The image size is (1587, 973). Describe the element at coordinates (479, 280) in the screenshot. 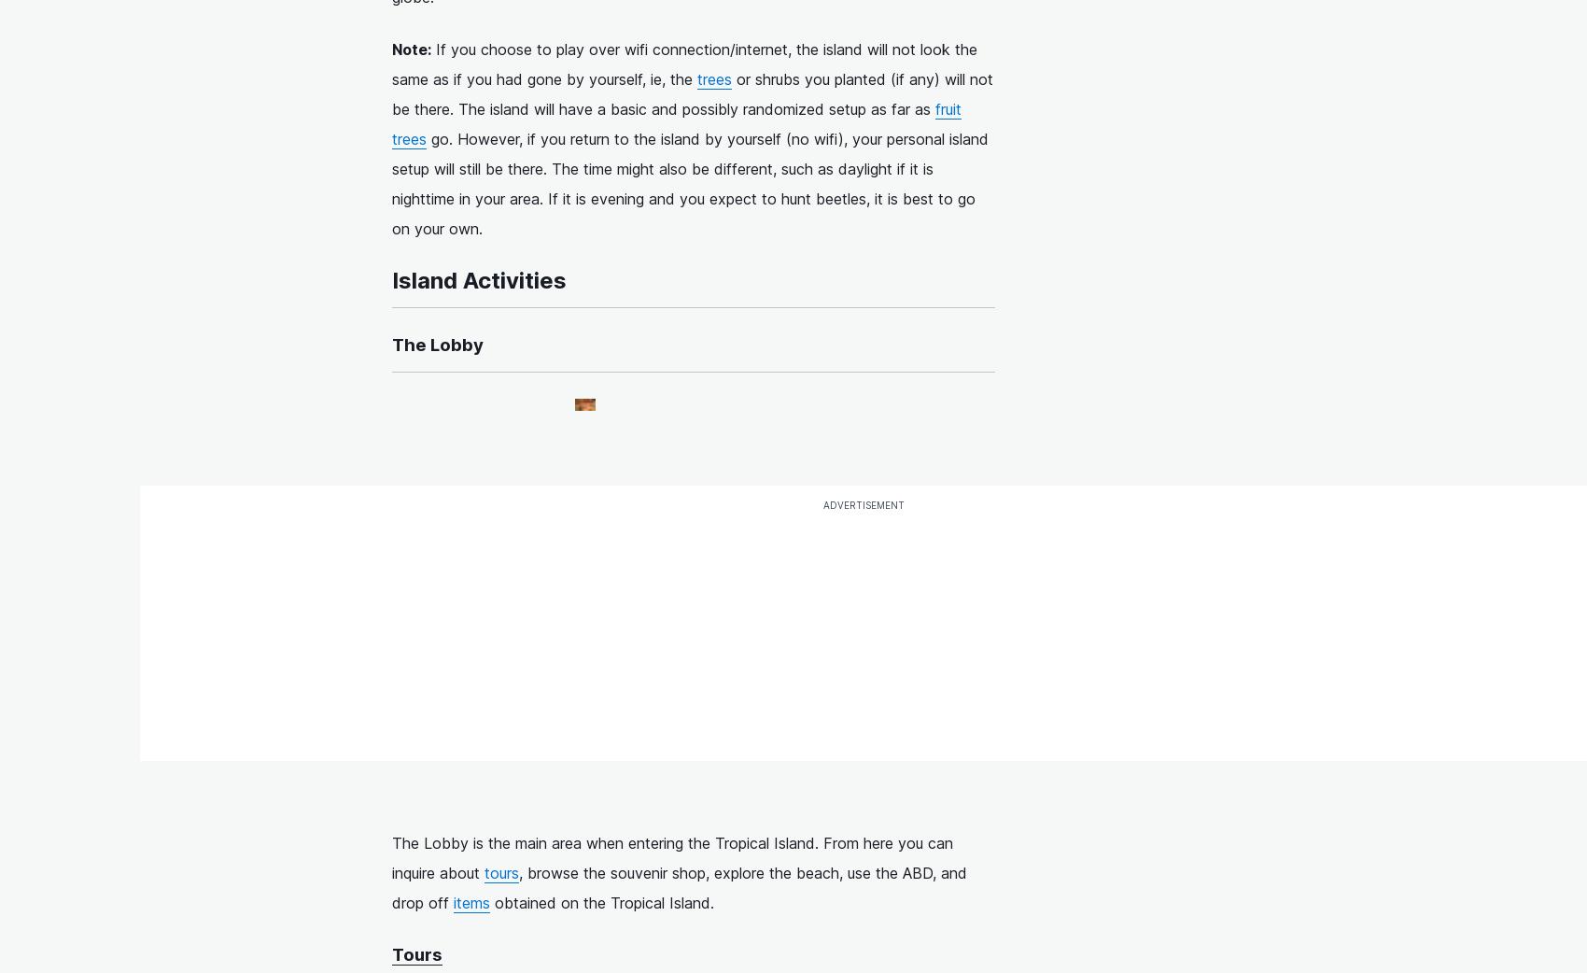

I see `'Island Activities'` at that location.